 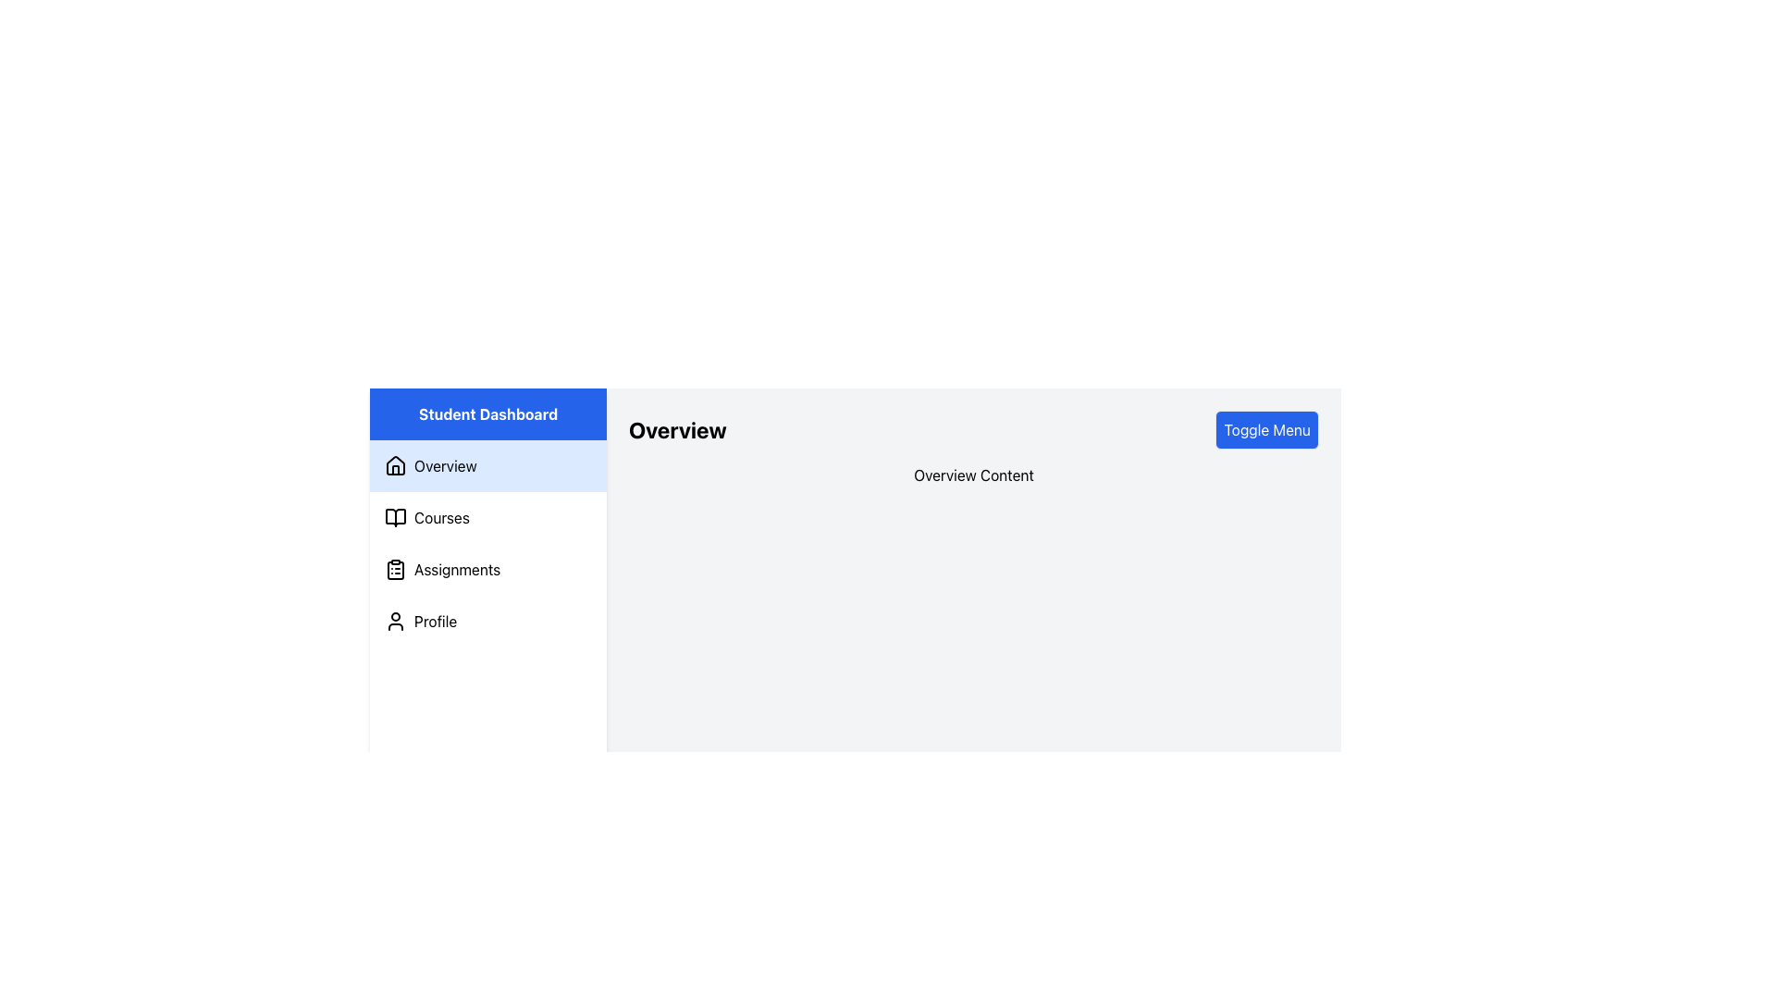 What do you see at coordinates (394, 569) in the screenshot?
I see `the 'Assignments' icon in the left-hand sidebar navigation menu, which is the second item within the 'Assignments' section` at bounding box center [394, 569].